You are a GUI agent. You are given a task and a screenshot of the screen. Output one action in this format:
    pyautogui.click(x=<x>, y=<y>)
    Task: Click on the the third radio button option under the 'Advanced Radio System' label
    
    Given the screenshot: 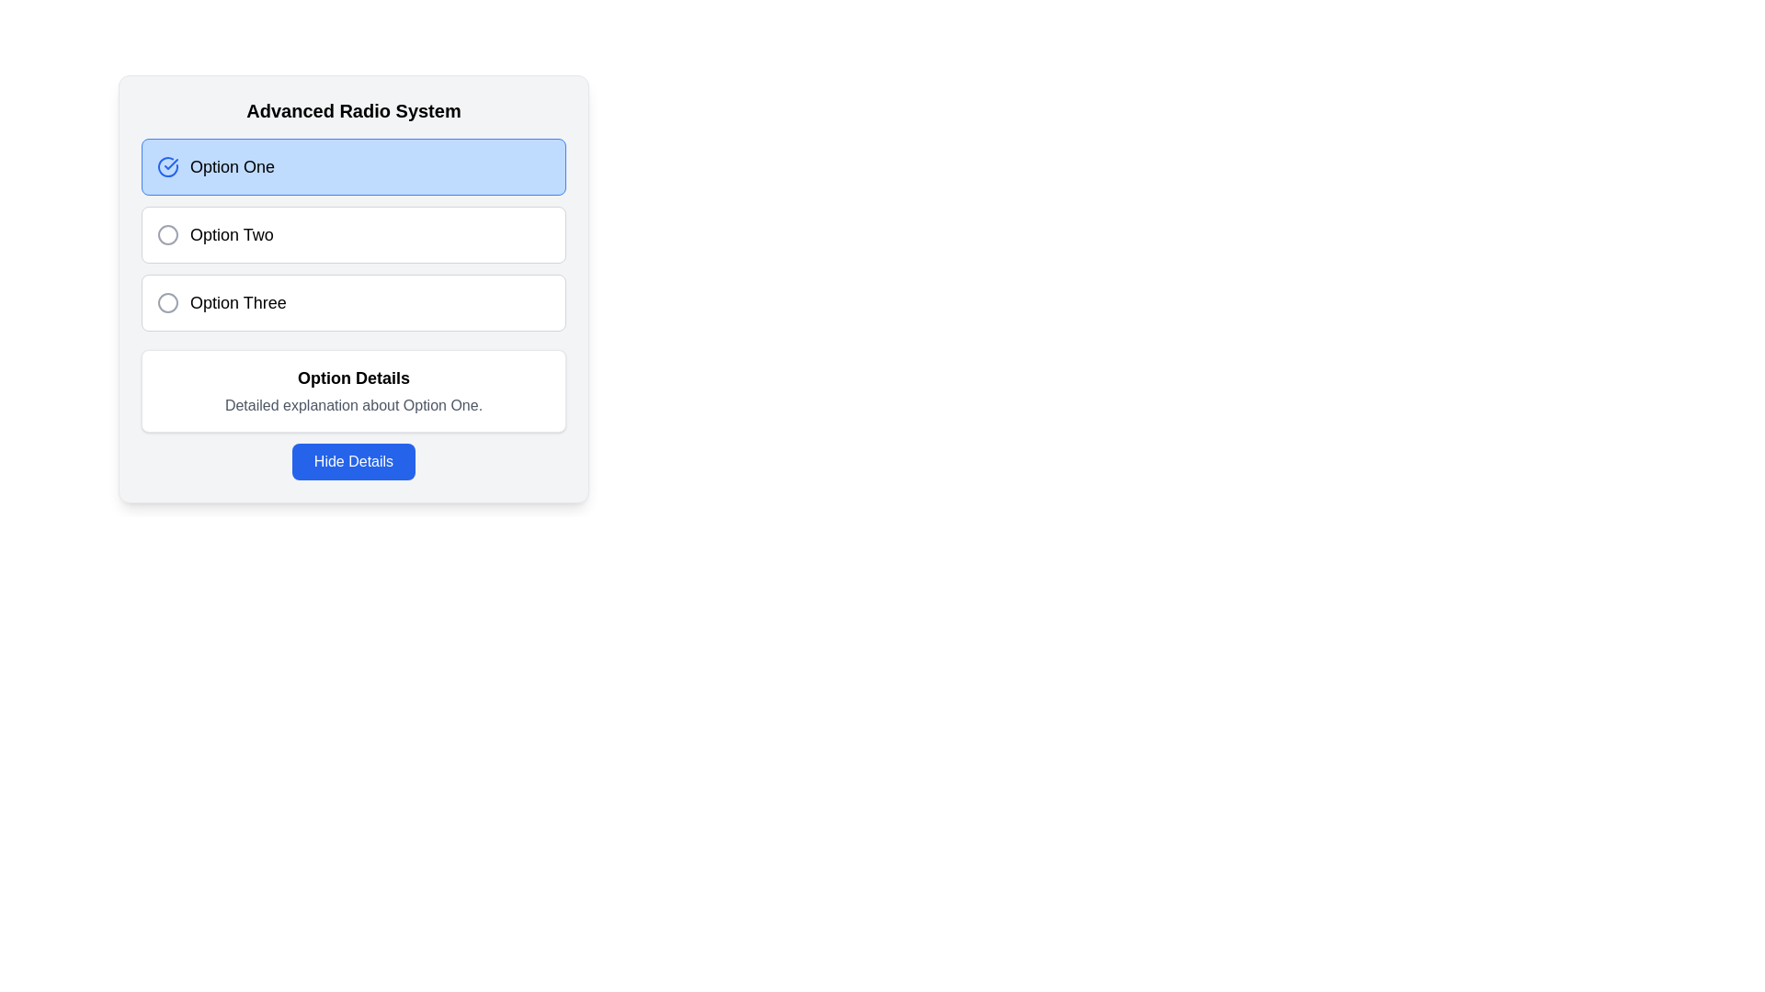 What is the action you would take?
    pyautogui.click(x=353, y=302)
    